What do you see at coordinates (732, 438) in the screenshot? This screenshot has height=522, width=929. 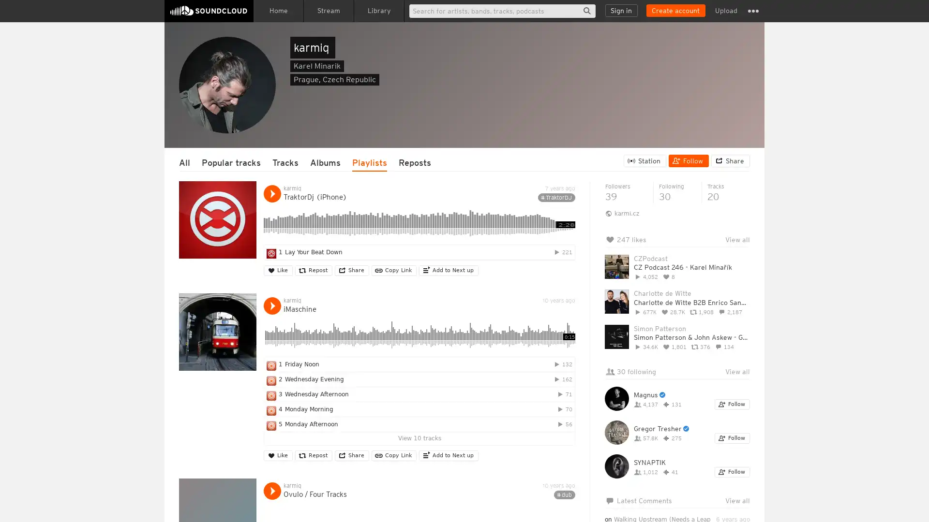 I see `Follow` at bounding box center [732, 438].